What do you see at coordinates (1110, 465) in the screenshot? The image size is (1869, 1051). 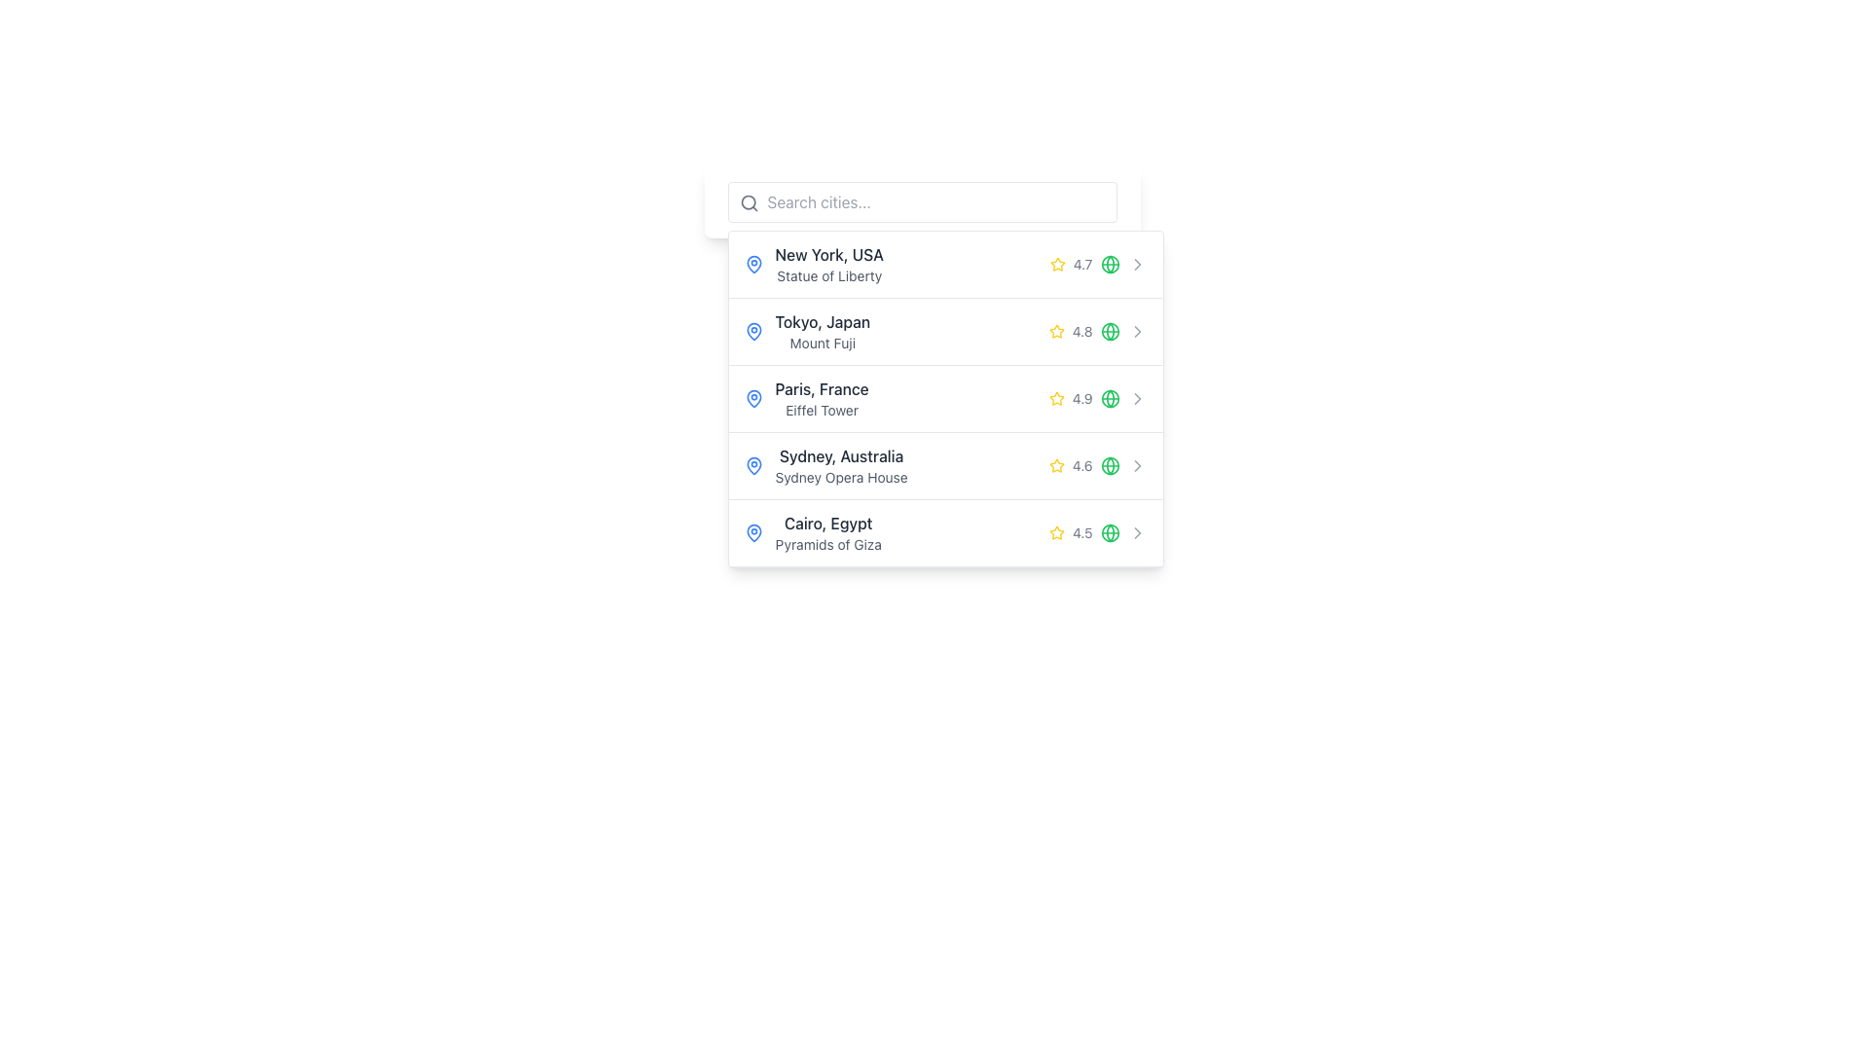 I see `the globe icon located to the right of the star icon within the list item for Sydney, Australia` at bounding box center [1110, 465].